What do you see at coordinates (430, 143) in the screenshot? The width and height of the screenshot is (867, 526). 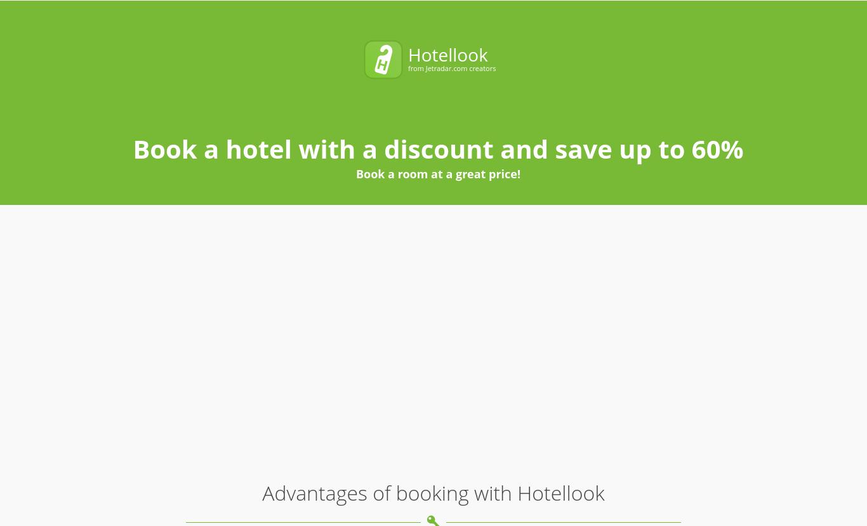 I see `'We compare room prices from 70 different hotel booking services, enabling you to pick the most affordable offers that are not even listed on each service separately'` at bounding box center [430, 143].